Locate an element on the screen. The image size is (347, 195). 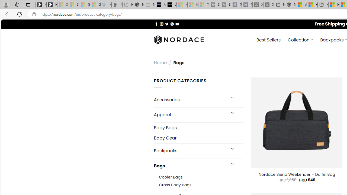
'Microsoft Start - Sleeping' is located at coordinates (193, 5).